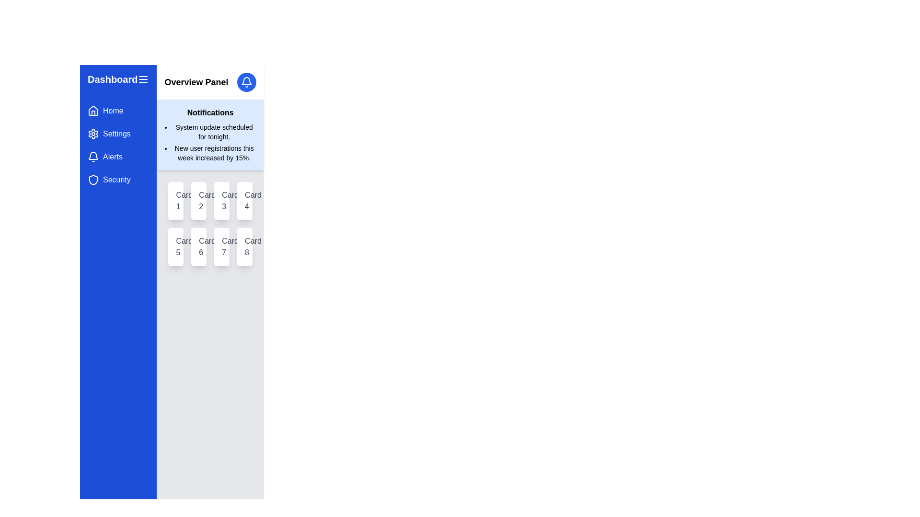  Describe the element at coordinates (245, 247) in the screenshot. I see `the rectangular card with rounded edges and the text 'Card 8' centered on it, located in the bottom-right corner of the grid` at that location.